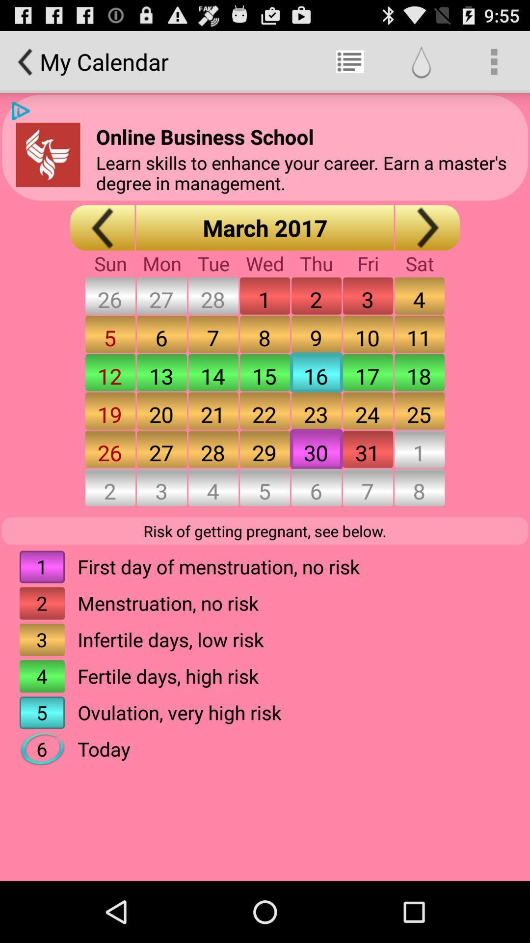 Image resolution: width=530 pixels, height=943 pixels. I want to click on previous month, so click(102, 227).